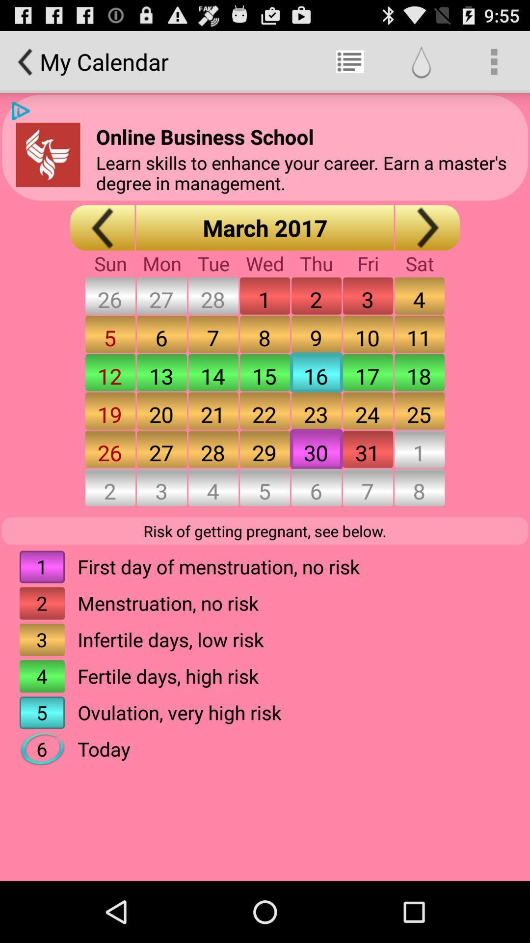 Image resolution: width=530 pixels, height=943 pixels. I want to click on previous month, so click(102, 227).